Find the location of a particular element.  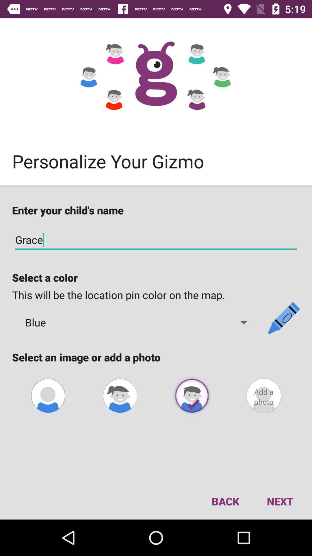

input the photo page is located at coordinates (264, 395).